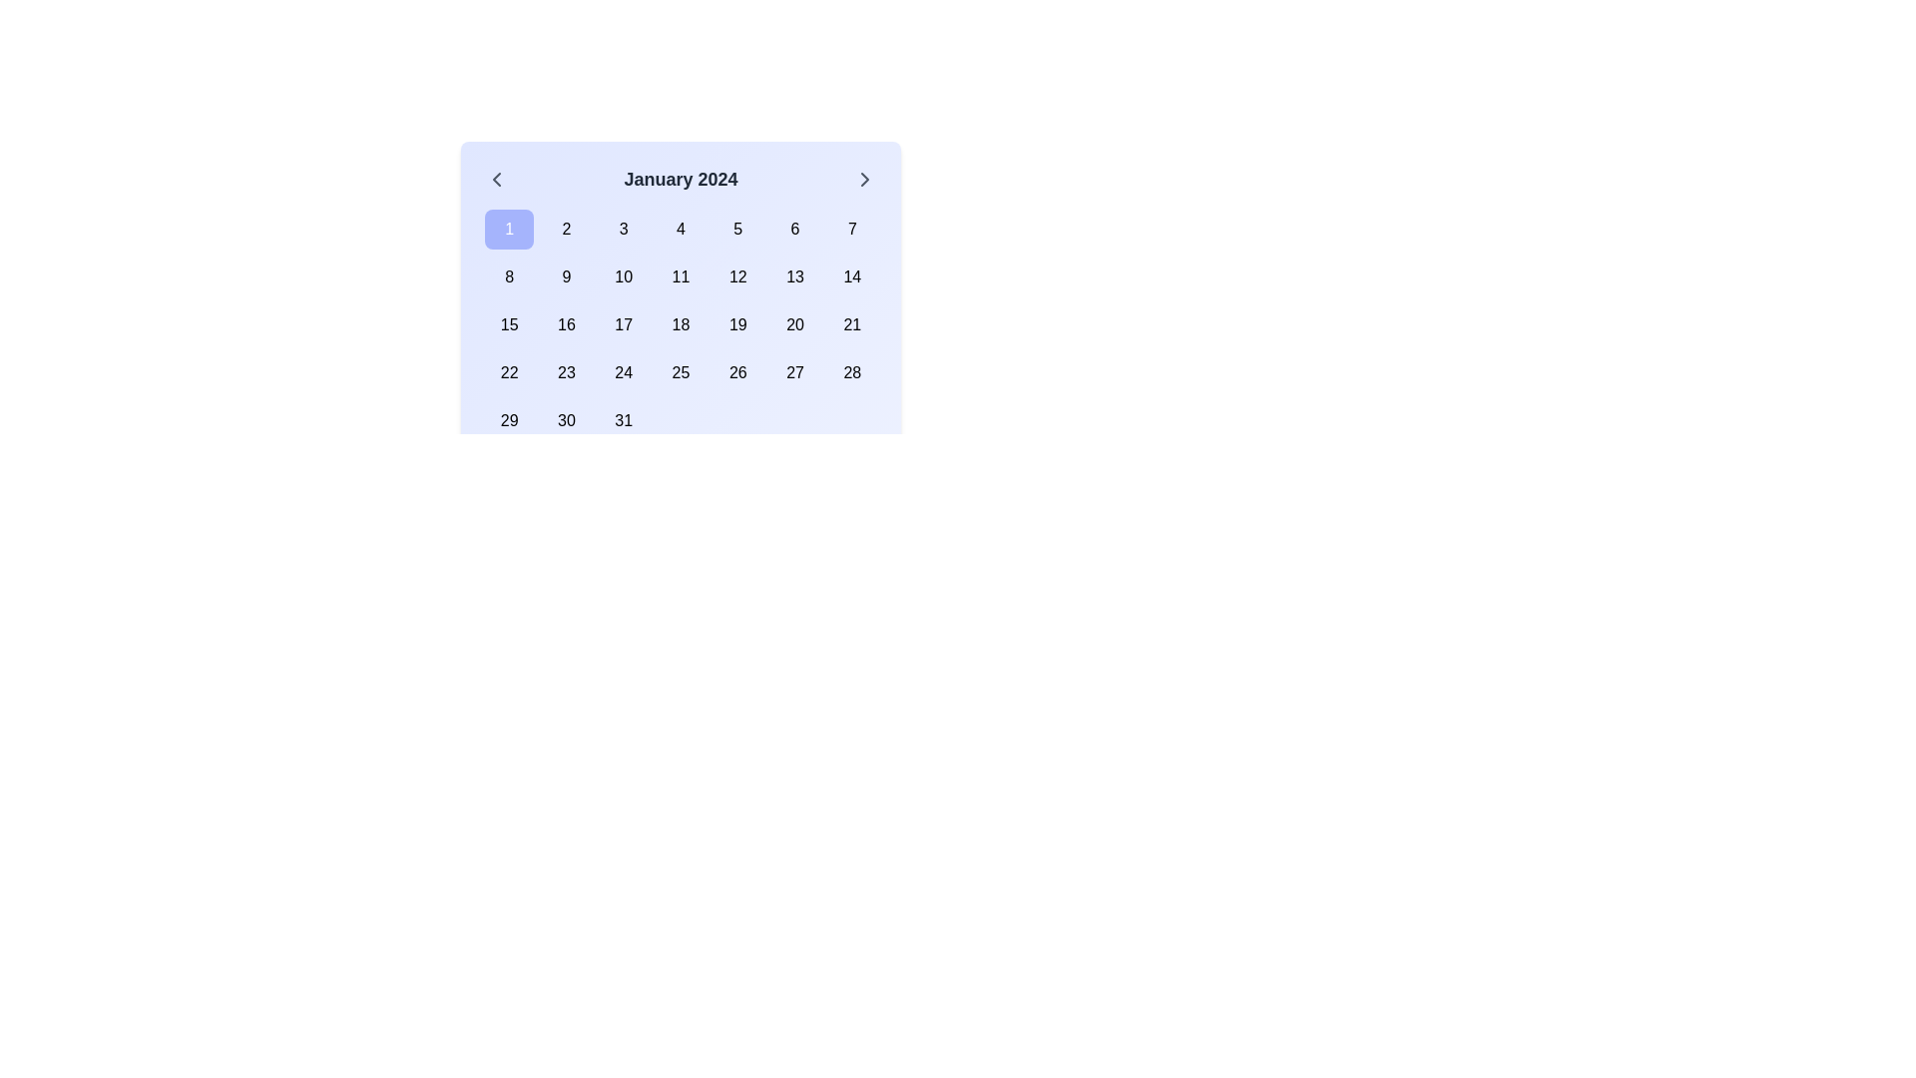  I want to click on the button representing the 27th day in the calendar view, located in the fifth row and sixth column of the grid, so click(793, 373).